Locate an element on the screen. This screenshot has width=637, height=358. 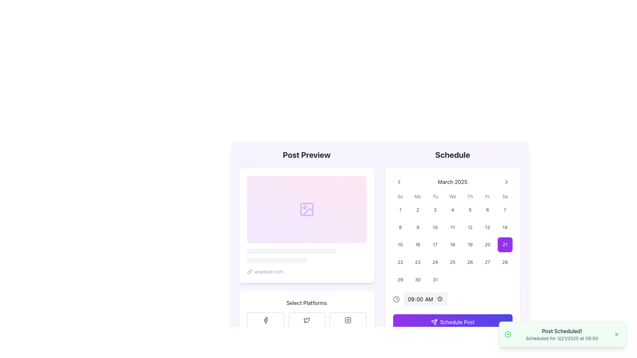
the calendar button for the date '12' in the grid layout of March 2025 is located at coordinates (470, 227).